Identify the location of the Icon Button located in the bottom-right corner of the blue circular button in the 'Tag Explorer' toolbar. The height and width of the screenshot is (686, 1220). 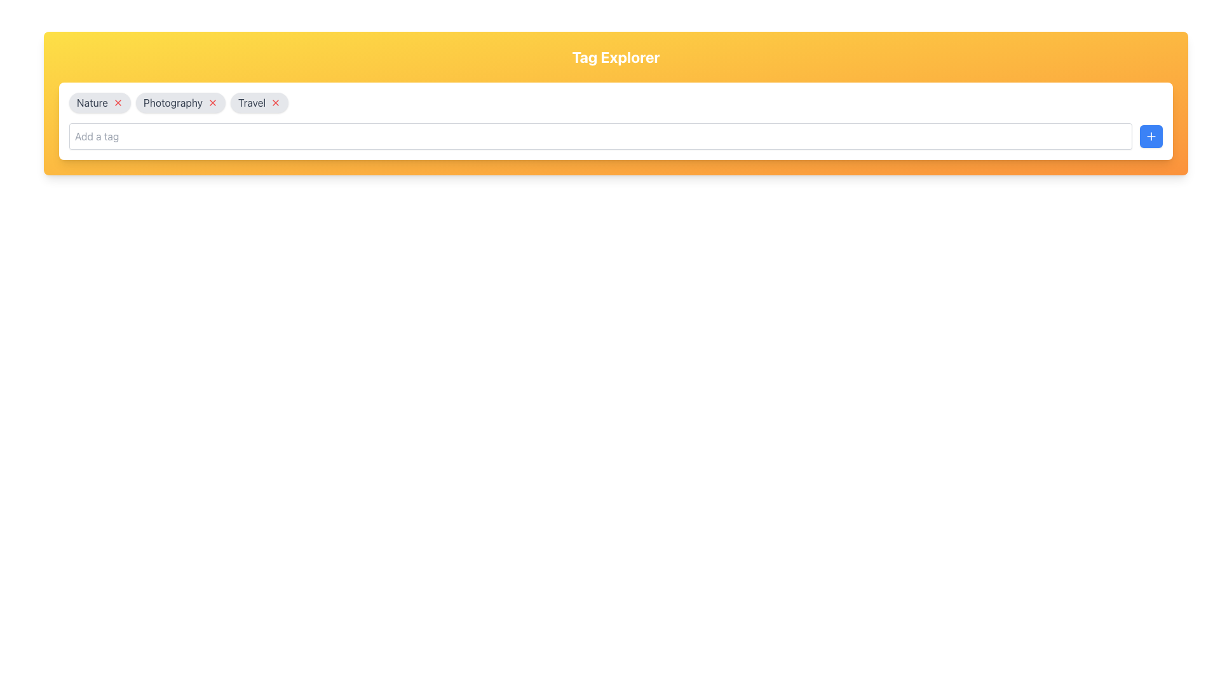
(1151, 137).